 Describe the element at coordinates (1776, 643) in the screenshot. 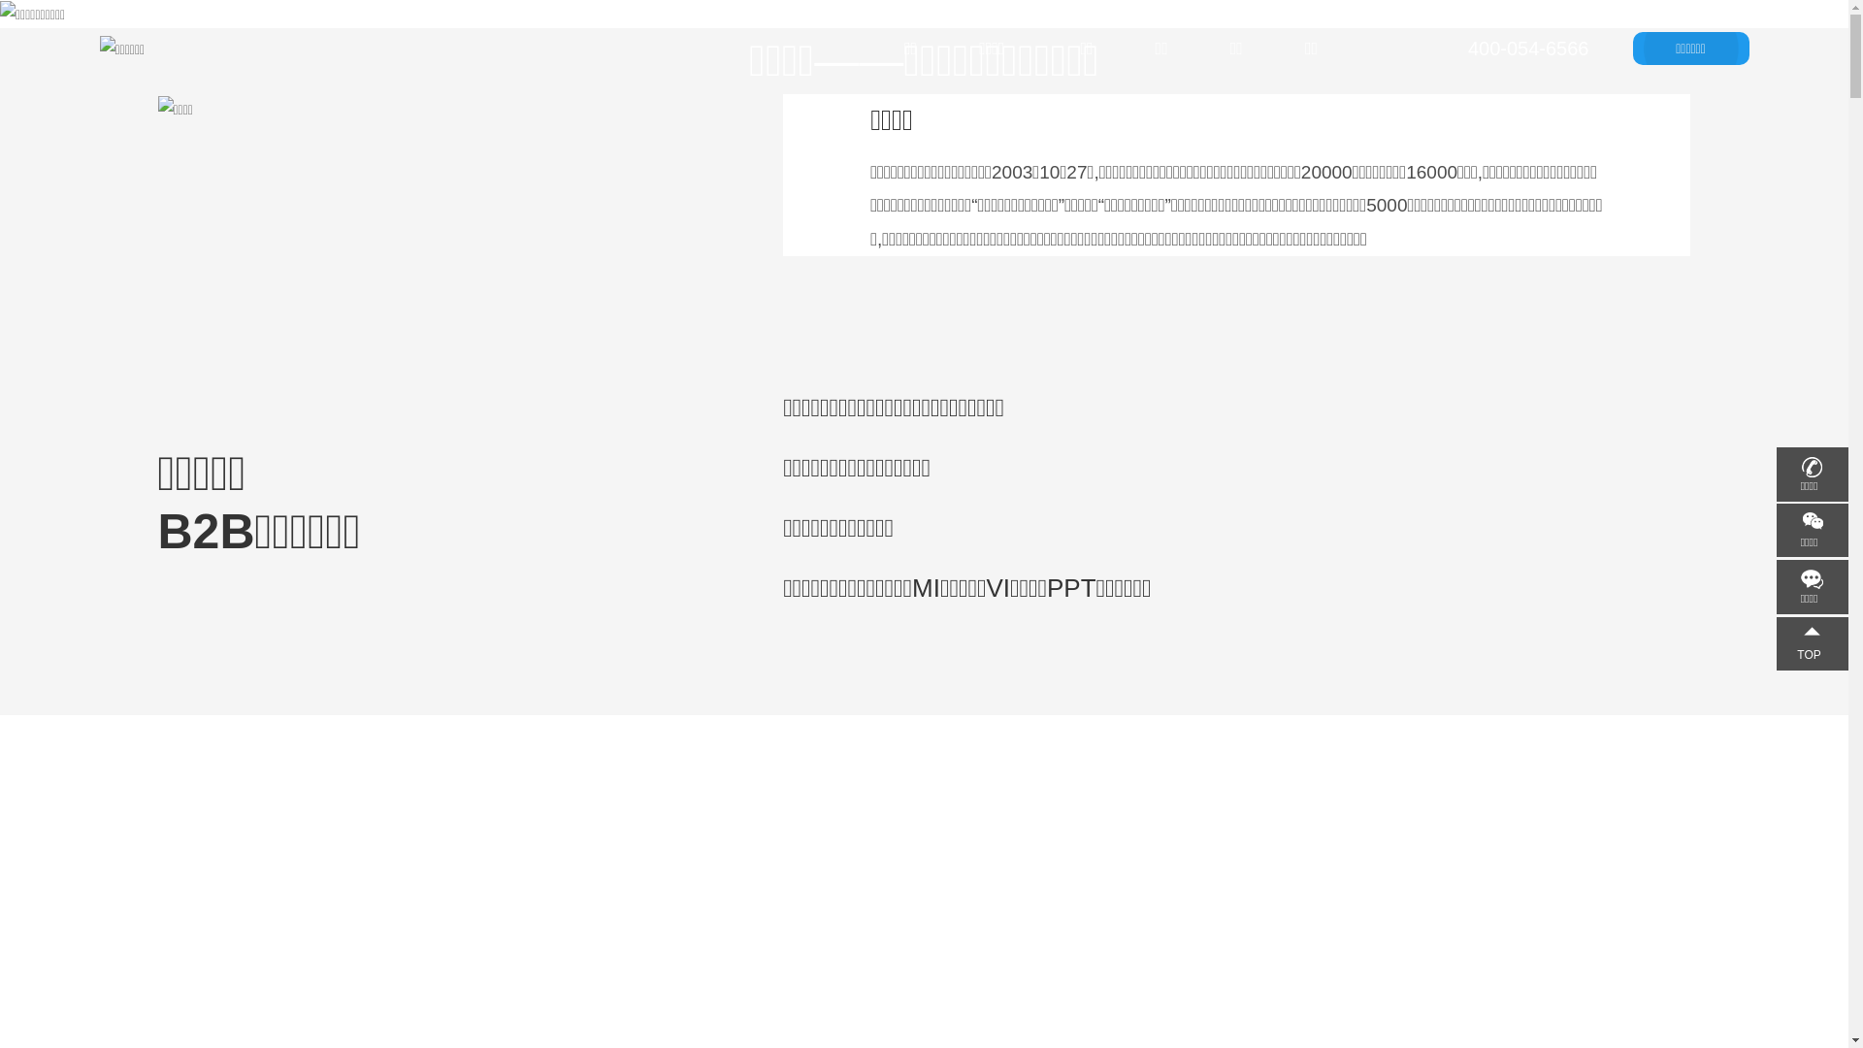

I see `'TOP'` at that location.